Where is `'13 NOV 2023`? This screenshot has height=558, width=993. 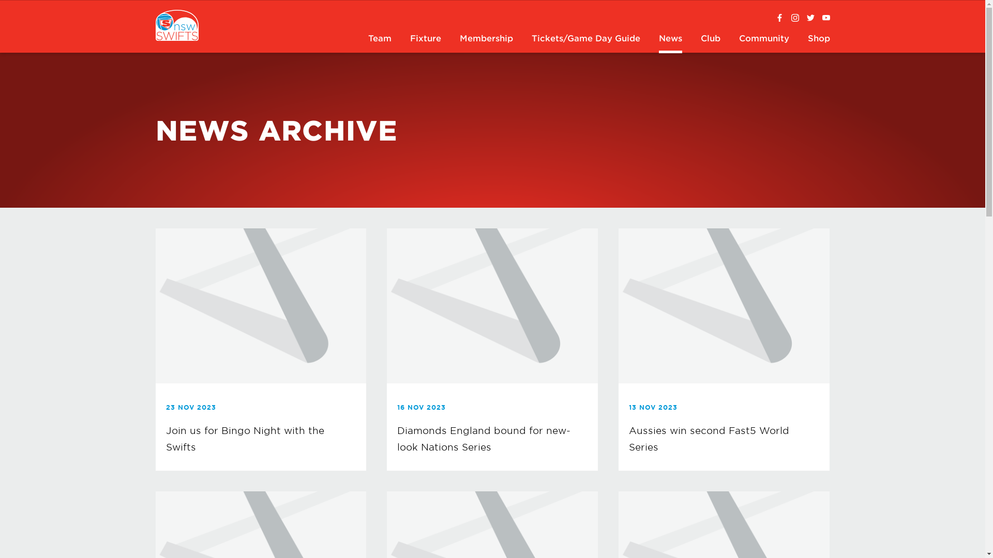
'13 NOV 2023 is located at coordinates (724, 349).